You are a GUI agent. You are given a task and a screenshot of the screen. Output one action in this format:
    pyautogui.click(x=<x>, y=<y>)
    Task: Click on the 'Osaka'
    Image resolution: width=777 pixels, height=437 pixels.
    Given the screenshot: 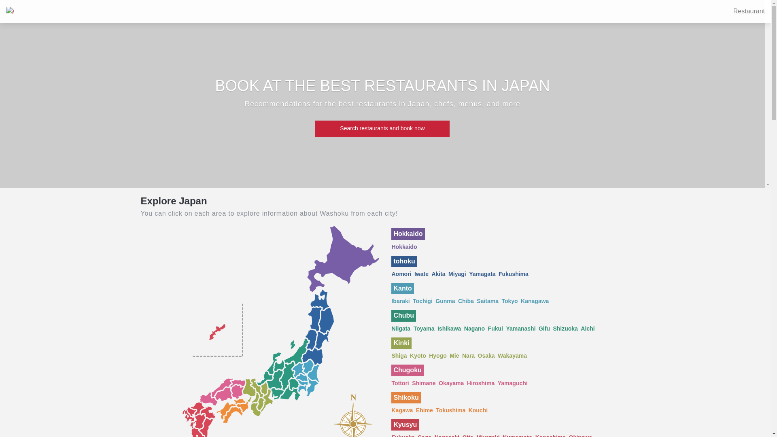 What is the action you would take?
    pyautogui.click(x=478, y=355)
    